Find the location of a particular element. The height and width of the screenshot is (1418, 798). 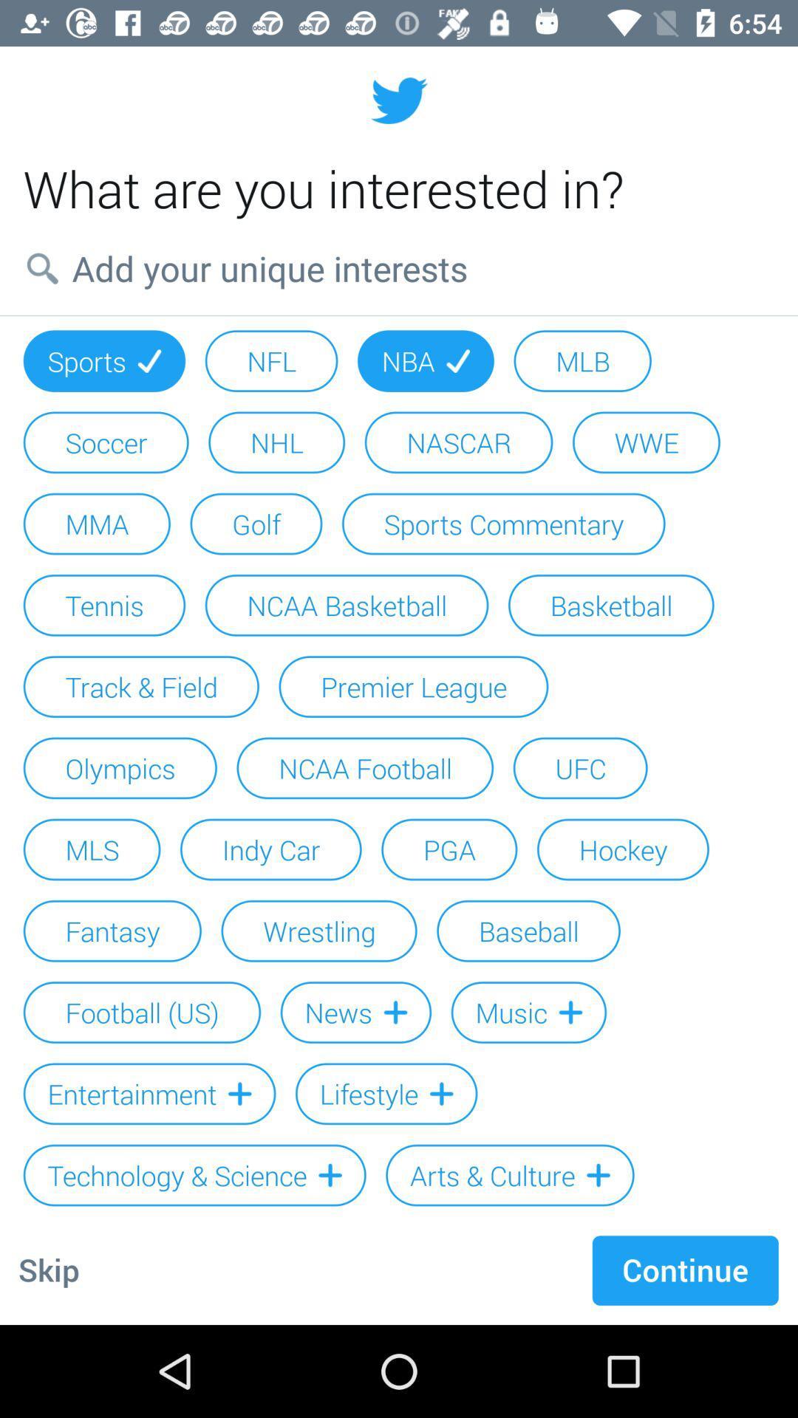

icon to the left of continue icon is located at coordinates (48, 1270).